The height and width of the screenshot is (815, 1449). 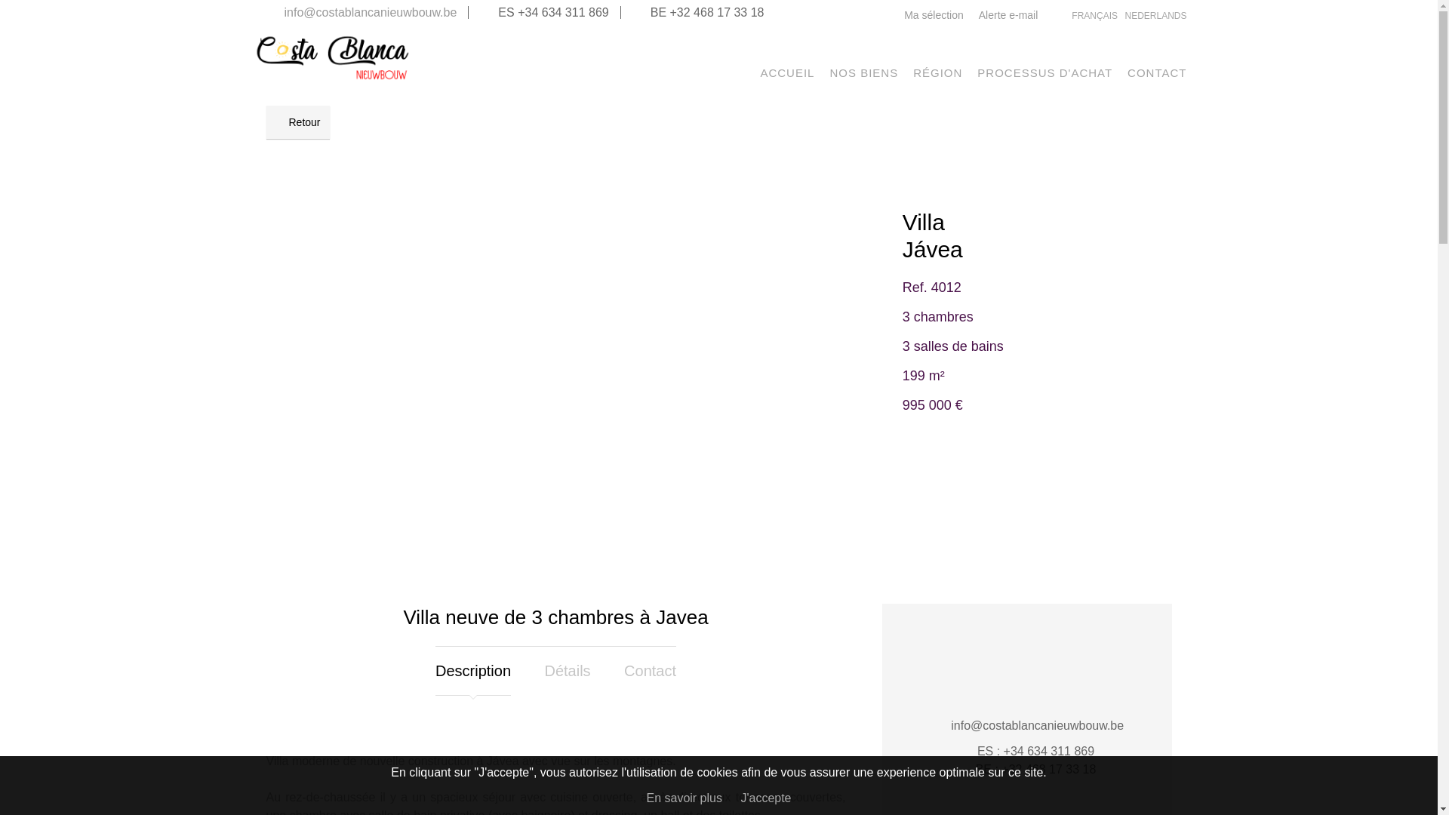 What do you see at coordinates (829, 72) in the screenshot?
I see `'NOS BIENS'` at bounding box center [829, 72].